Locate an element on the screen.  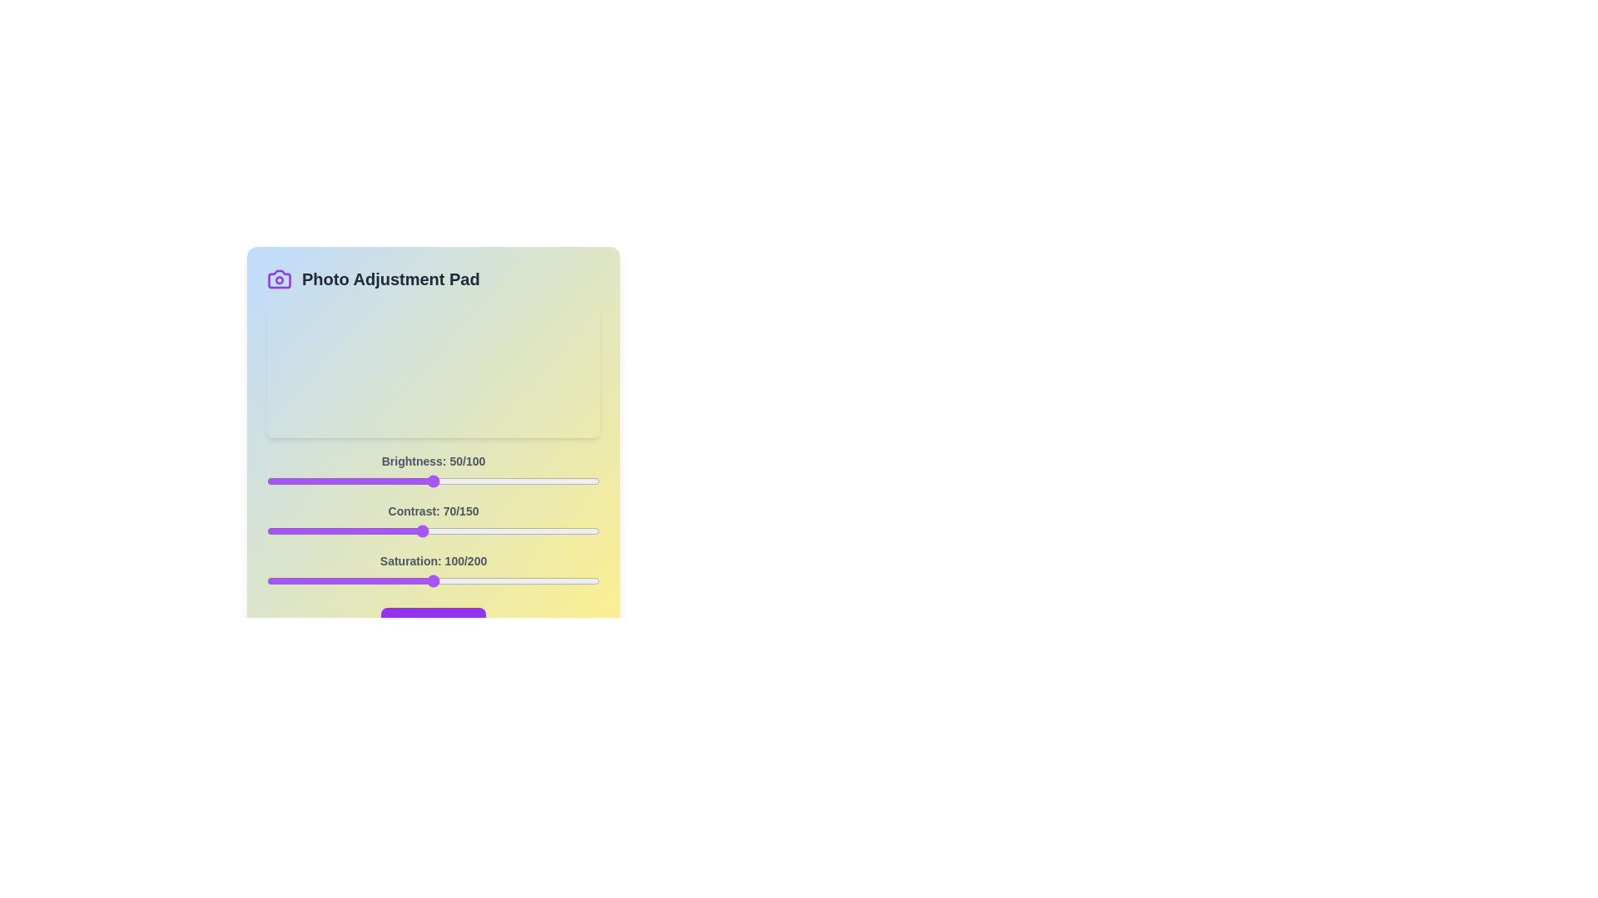
the 1 slider to 147 is located at coordinates (593, 531).